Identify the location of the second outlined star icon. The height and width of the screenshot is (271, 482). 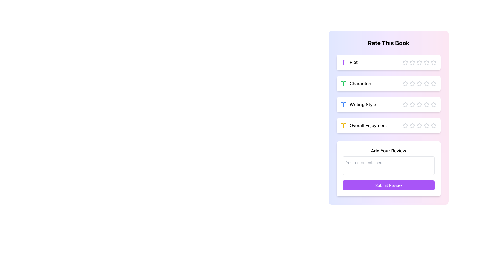
(412, 62).